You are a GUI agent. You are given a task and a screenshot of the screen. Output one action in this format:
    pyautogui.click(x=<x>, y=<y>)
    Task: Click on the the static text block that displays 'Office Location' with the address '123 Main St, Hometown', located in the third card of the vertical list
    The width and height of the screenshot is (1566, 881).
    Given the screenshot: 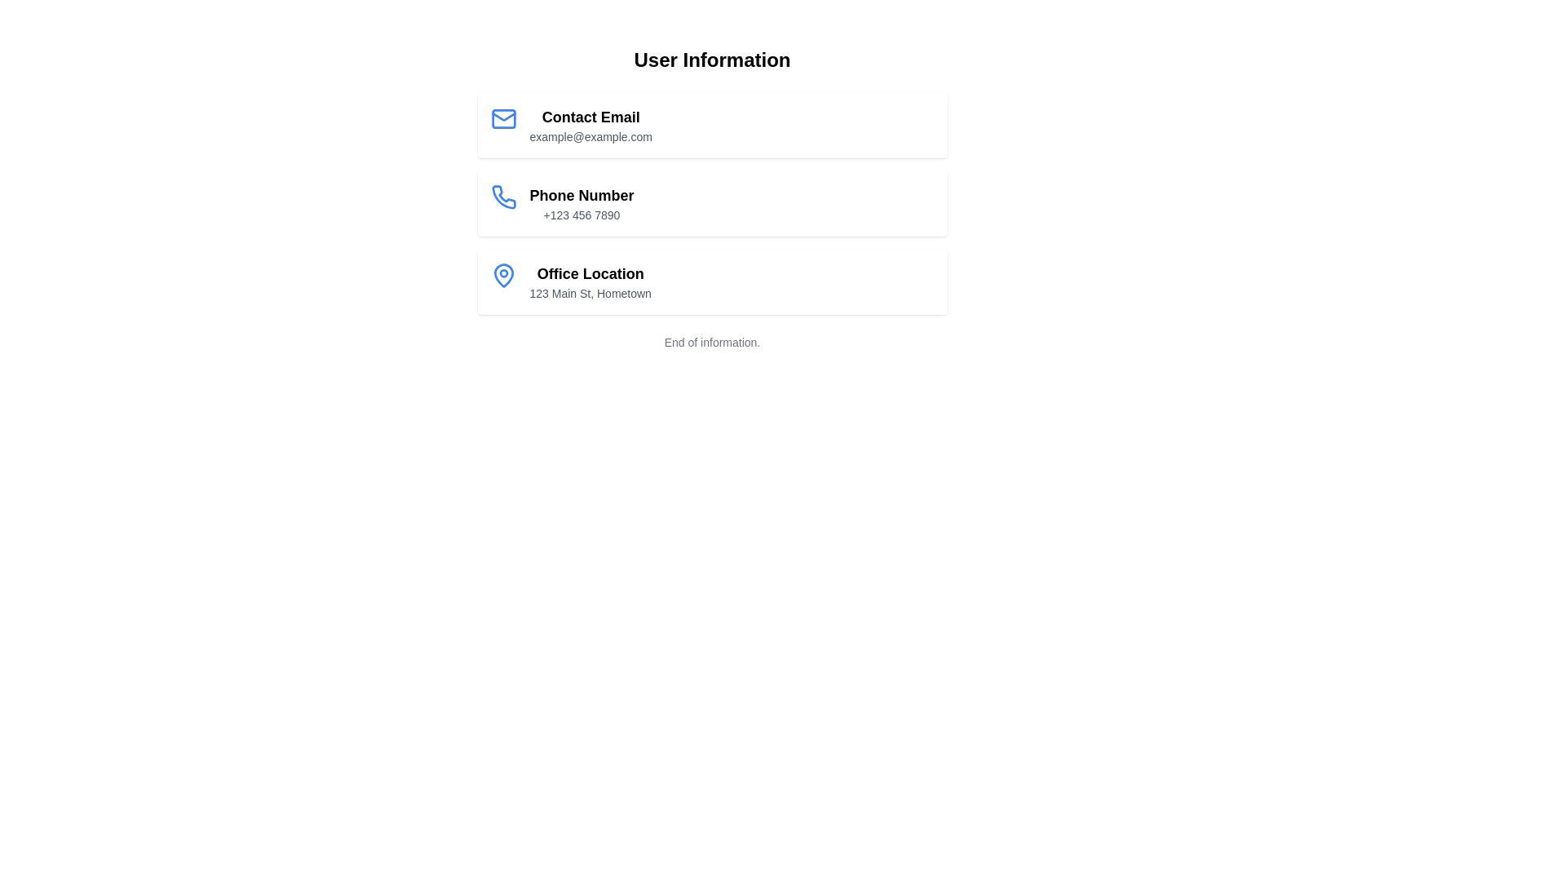 What is the action you would take?
    pyautogui.click(x=590, y=281)
    